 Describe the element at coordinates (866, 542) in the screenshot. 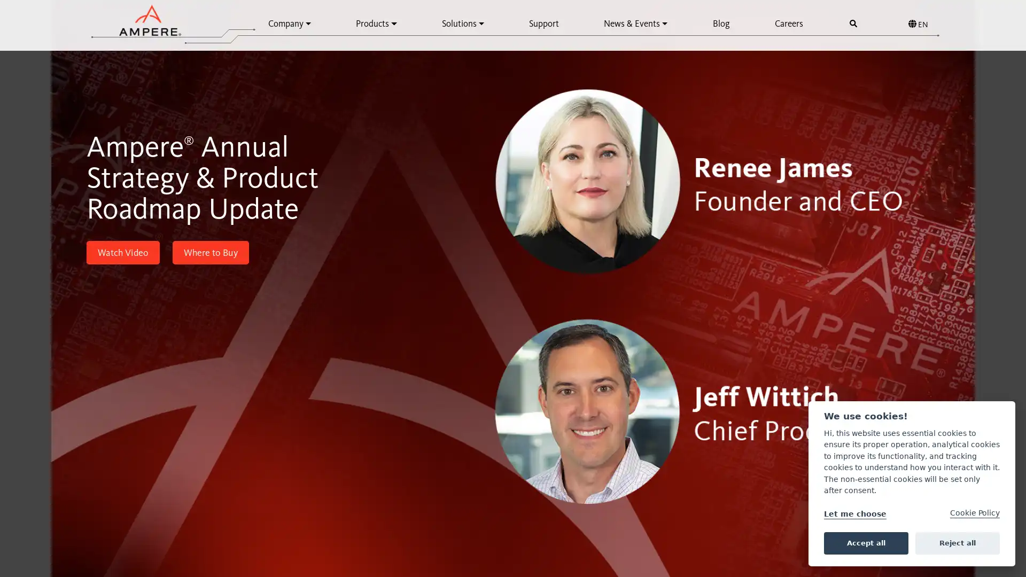

I see `Accept all` at that location.